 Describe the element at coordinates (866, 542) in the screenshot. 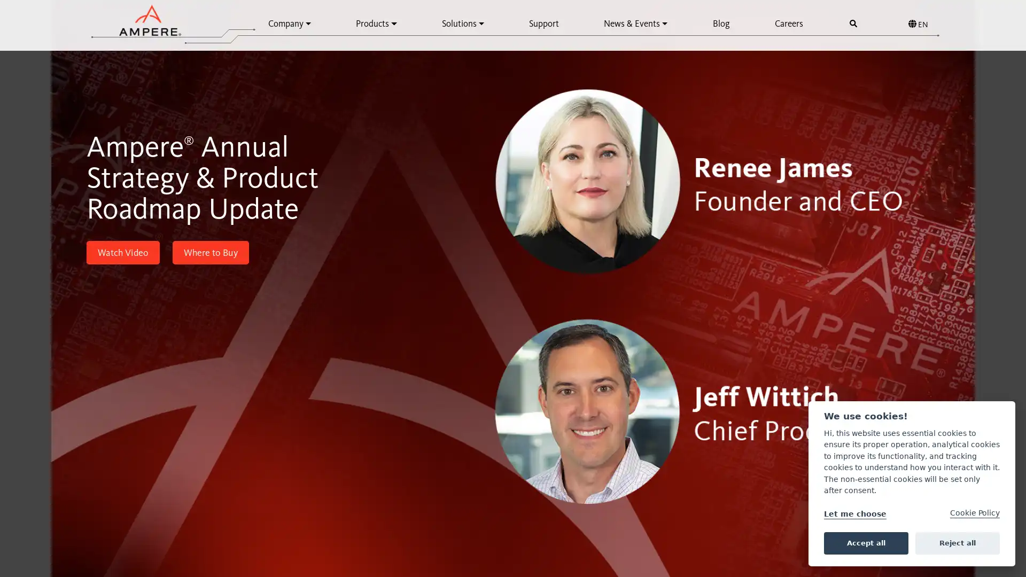

I see `Accept all` at that location.